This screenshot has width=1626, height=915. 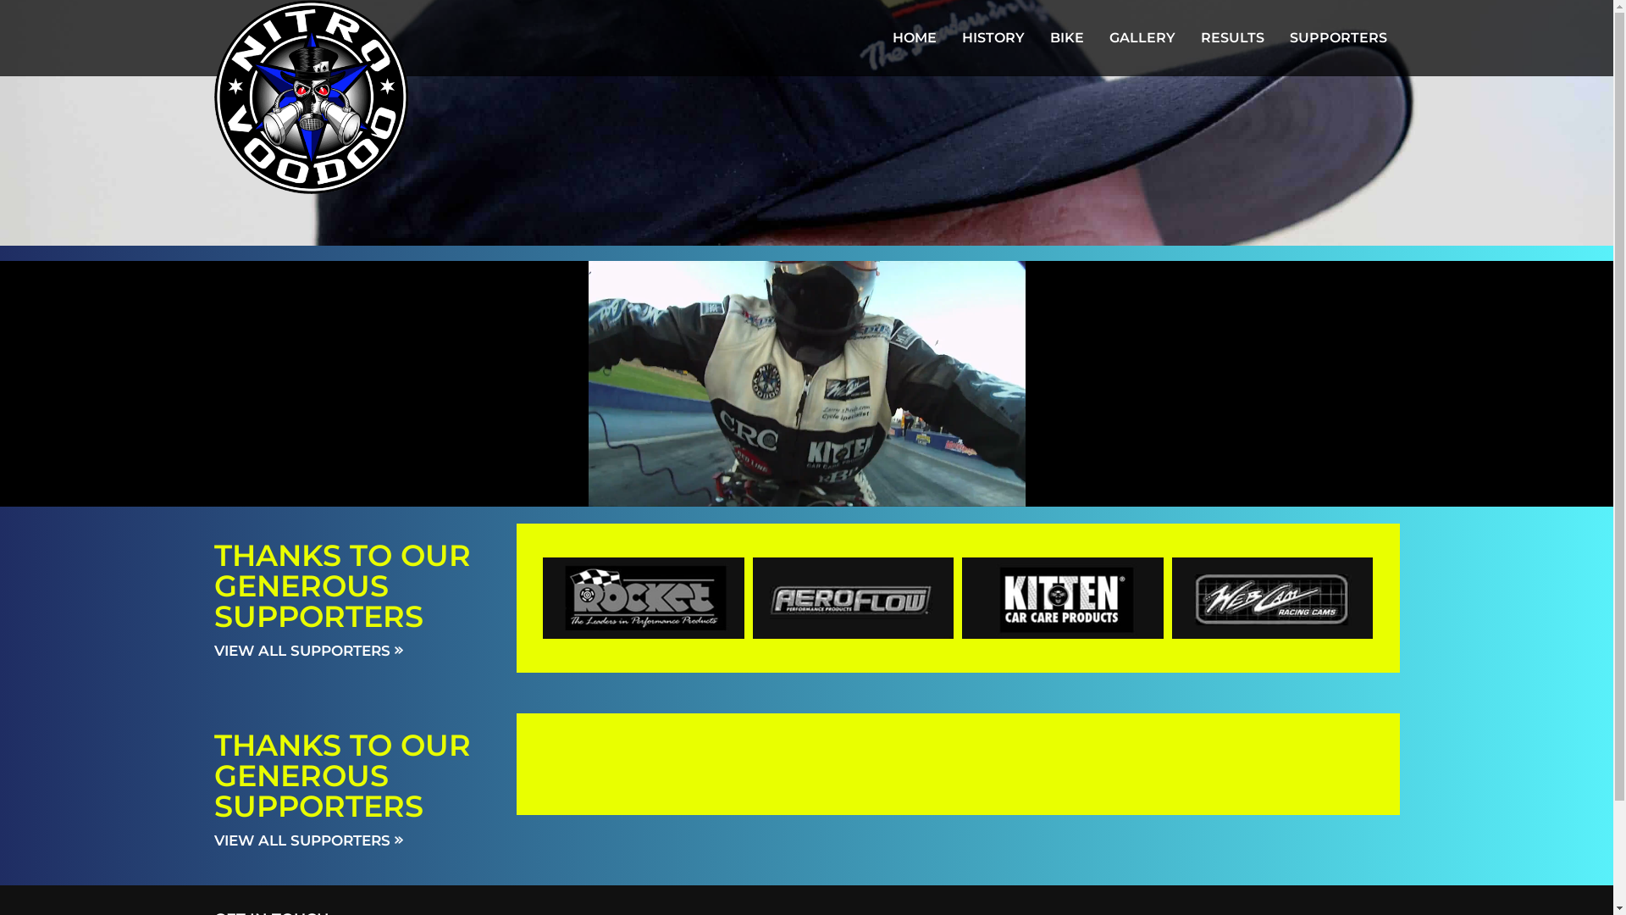 What do you see at coordinates (878, 38) in the screenshot?
I see `'HOME'` at bounding box center [878, 38].